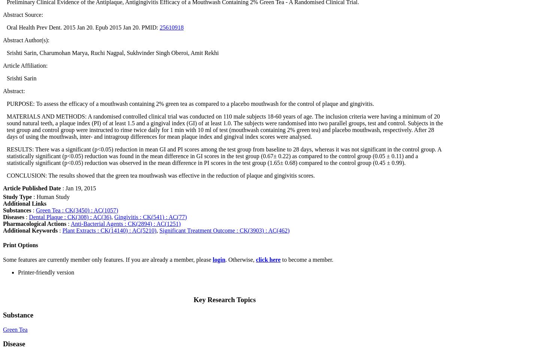 This screenshot has height=356, width=555. What do you see at coordinates (224, 230) in the screenshot?
I see `'Significant Treatment Outcome : CK(3903) : AC(462)'` at bounding box center [224, 230].